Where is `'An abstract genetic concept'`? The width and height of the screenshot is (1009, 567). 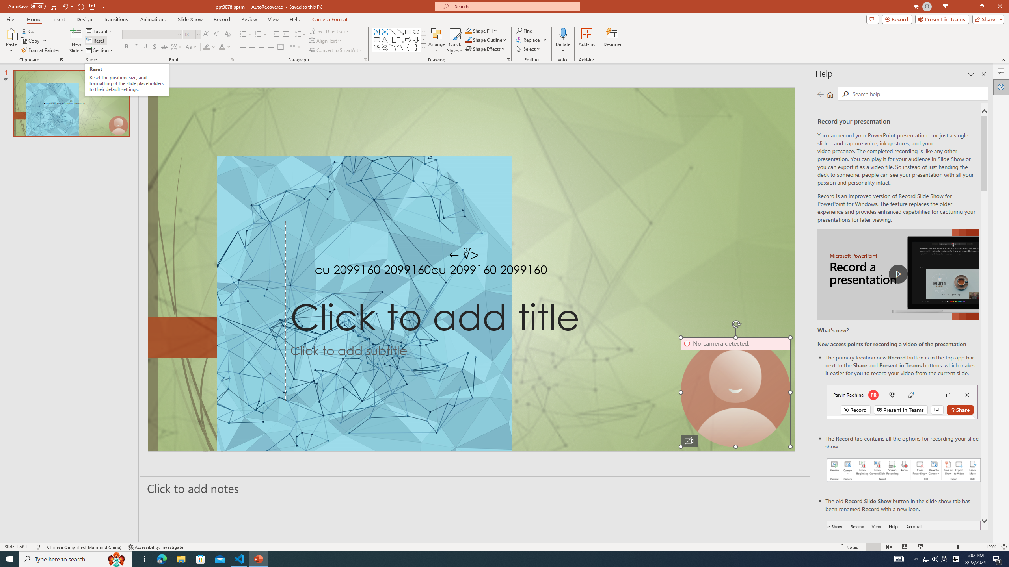
'An abstract genetic concept' is located at coordinates (471, 269).